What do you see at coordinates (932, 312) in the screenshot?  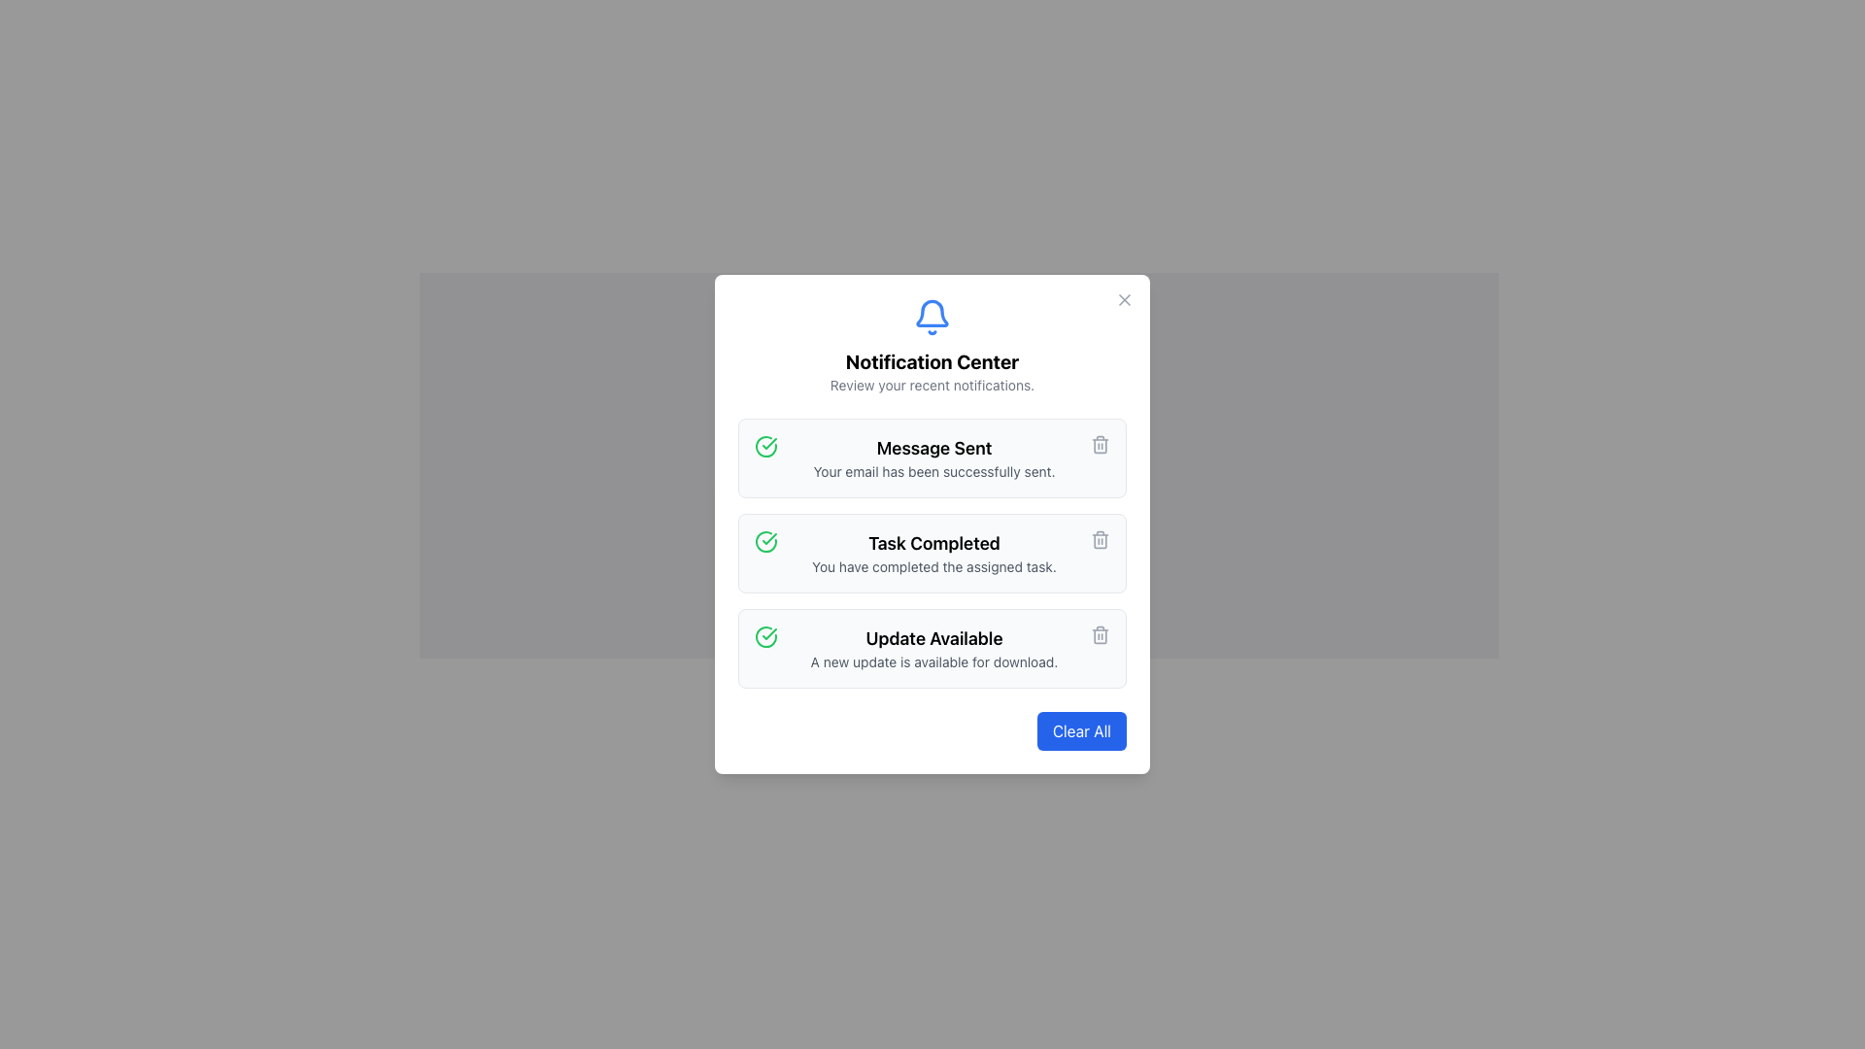 I see `the lower part of the bell-shaped icon with a blue outline, located at the top of the notification panel` at bounding box center [932, 312].